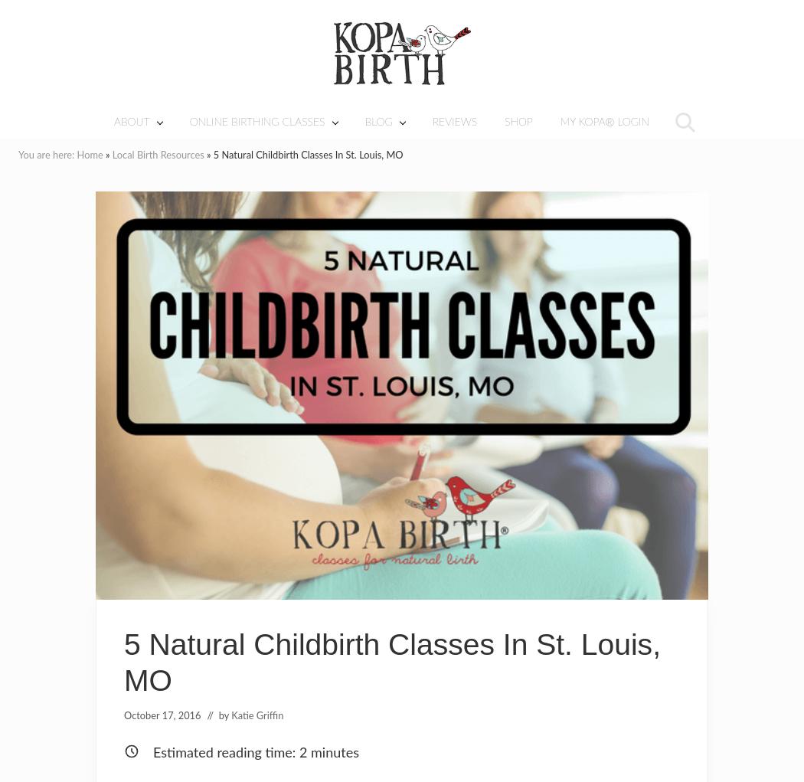 The image size is (804, 782). Describe the element at coordinates (257, 715) in the screenshot. I see `'Katie Griffin'` at that location.